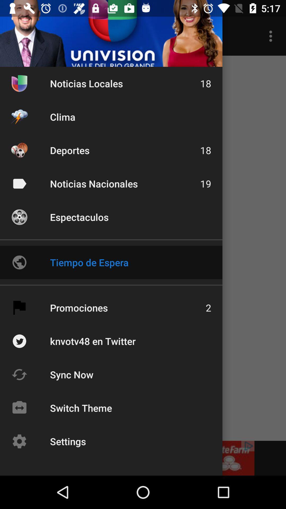 The width and height of the screenshot is (286, 509). What do you see at coordinates (19, 408) in the screenshot?
I see `the icon beside switch theme` at bounding box center [19, 408].